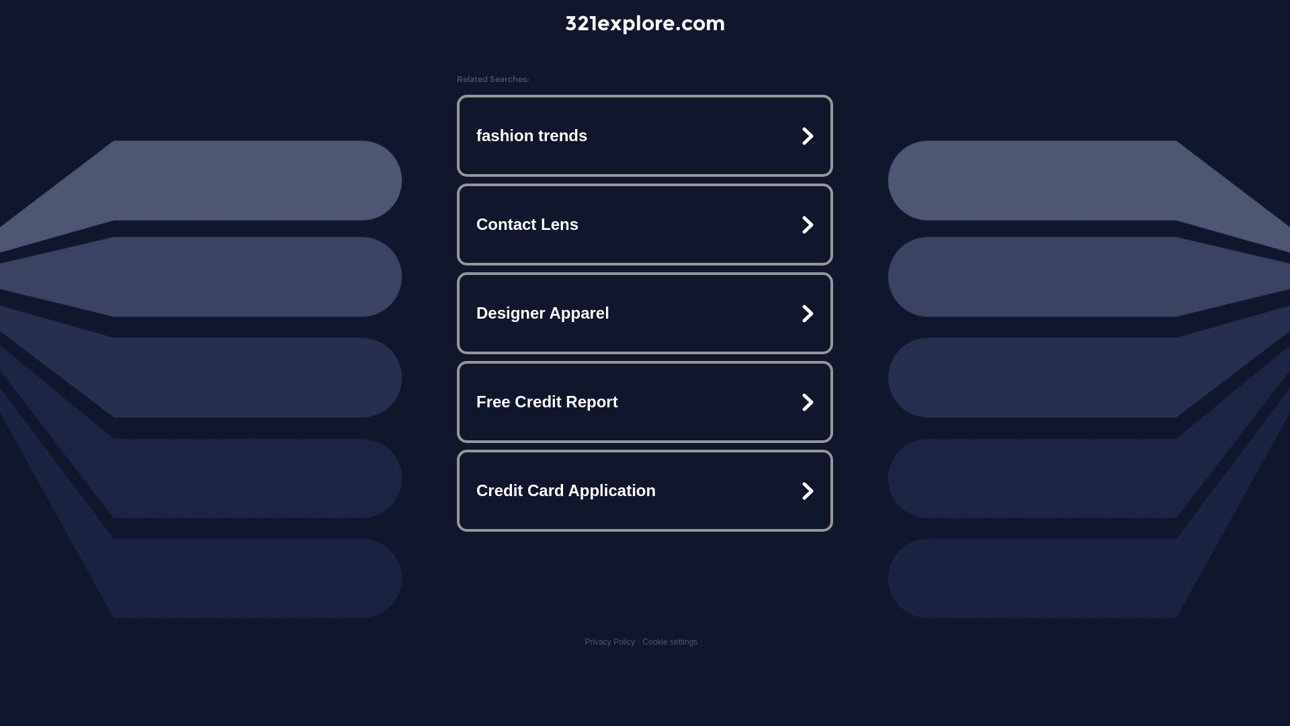  I want to click on 'Cookie settings', so click(641, 641).